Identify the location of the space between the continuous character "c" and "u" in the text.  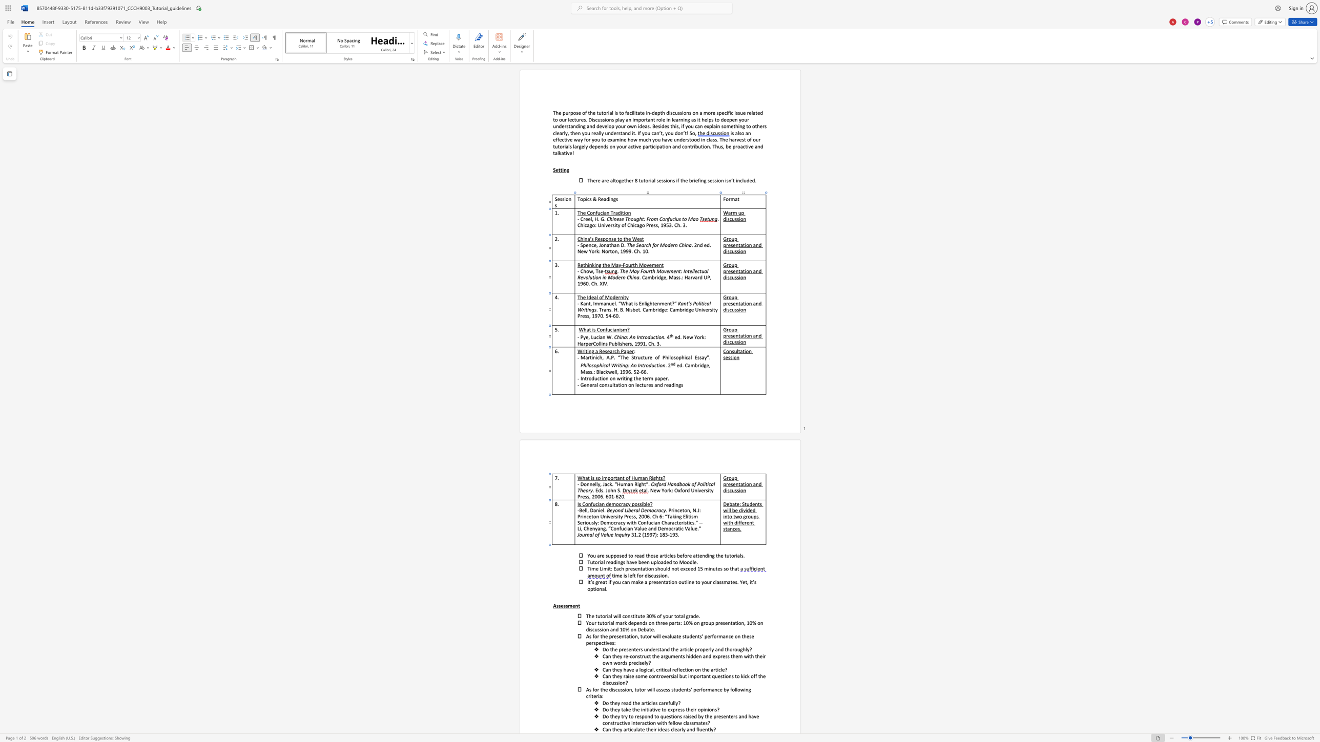
(653, 576).